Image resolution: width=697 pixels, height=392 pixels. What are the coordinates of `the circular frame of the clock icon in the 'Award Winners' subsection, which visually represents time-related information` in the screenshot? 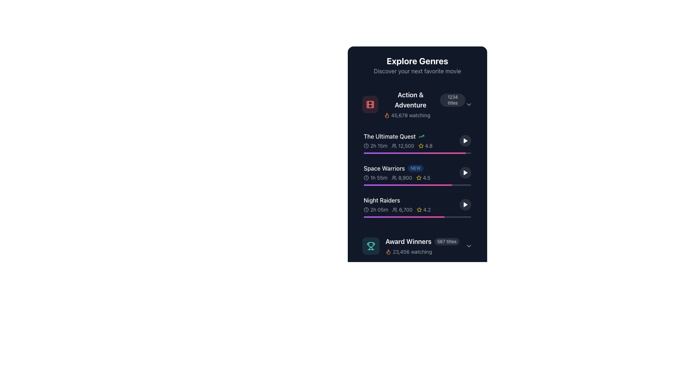 It's located at (366, 177).